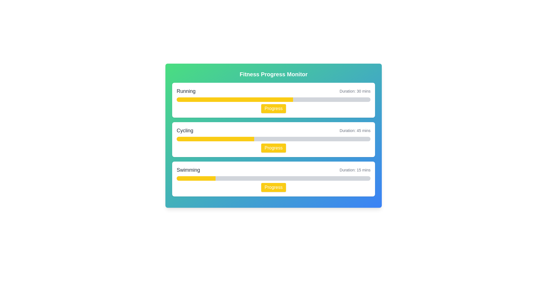 This screenshot has width=541, height=304. Describe the element at coordinates (273, 187) in the screenshot. I see `the 'Progress' button with rounded edges, yellow background, and white text` at that location.